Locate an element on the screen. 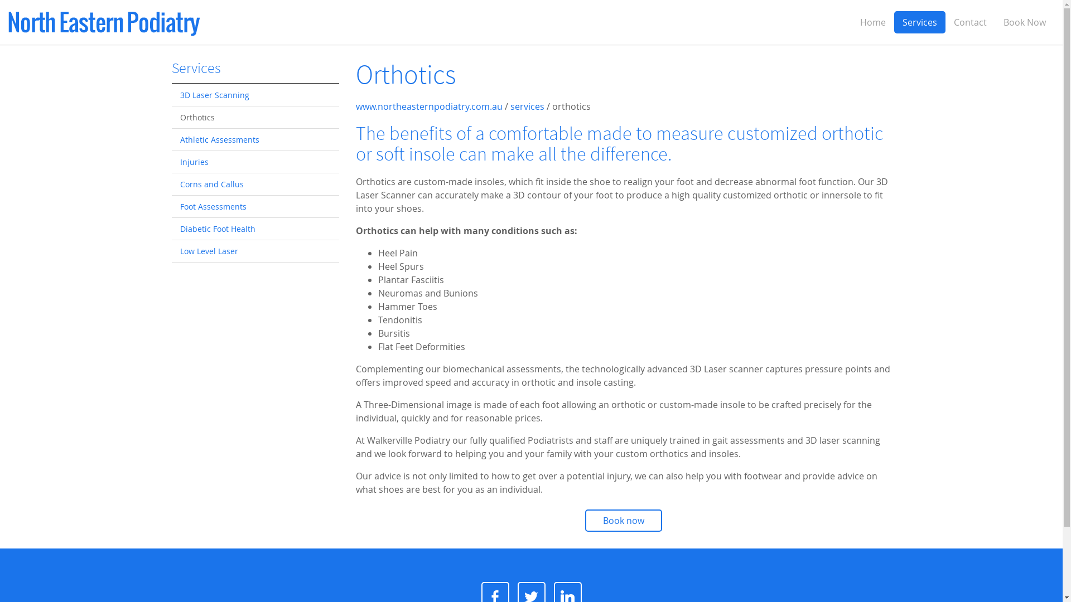 Image resolution: width=1071 pixels, height=602 pixels. 'Diabetic Foot Health' is located at coordinates (254, 229).